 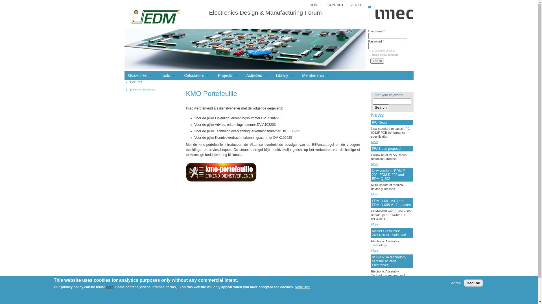 What do you see at coordinates (136, 82) in the screenshot?
I see `'Forums'` at bounding box center [136, 82].